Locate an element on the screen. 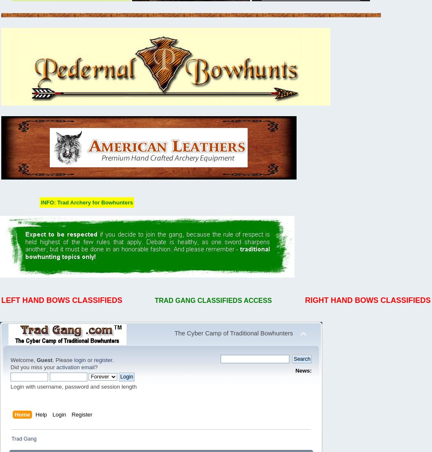 The image size is (432, 452). 'The Cyber Camp of Traditional Bowhunters' is located at coordinates (233, 333).